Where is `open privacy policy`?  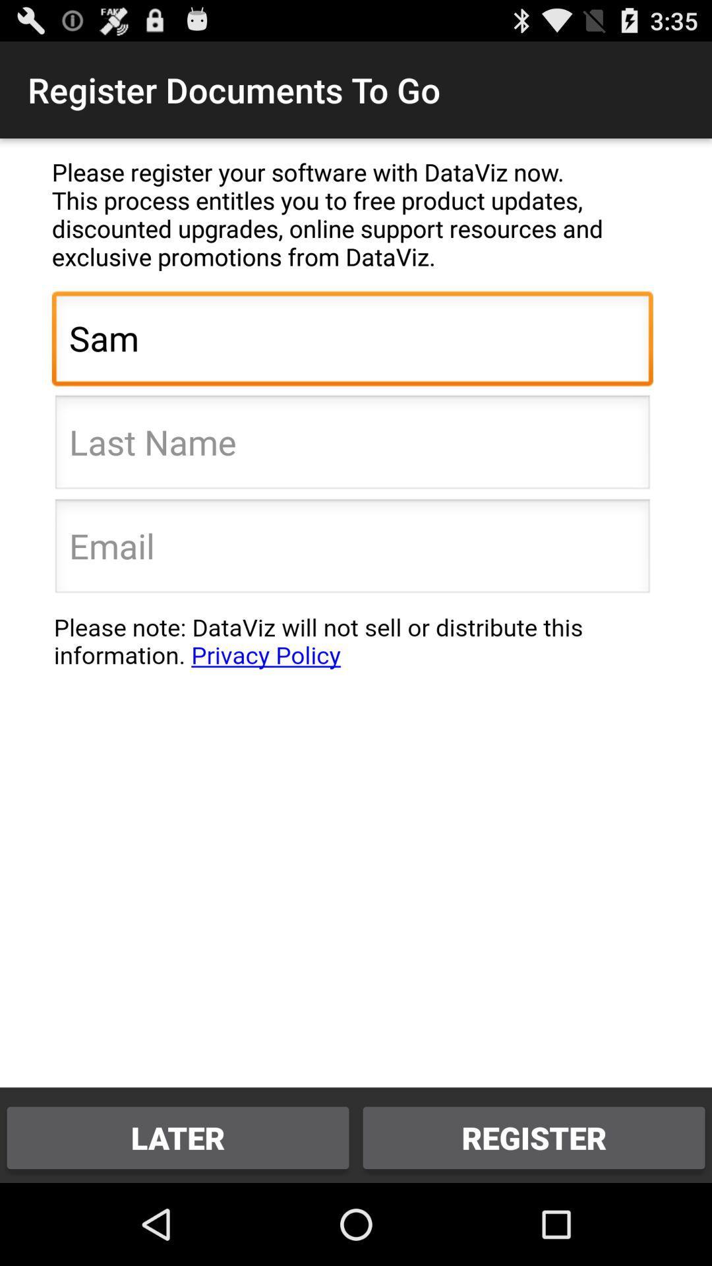 open privacy policy is located at coordinates (351, 648).